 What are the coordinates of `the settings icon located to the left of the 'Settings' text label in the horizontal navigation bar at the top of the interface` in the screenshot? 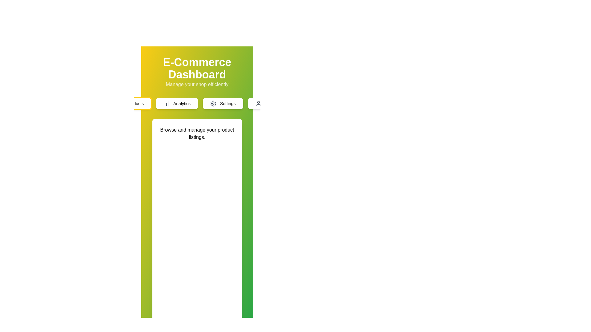 It's located at (213, 103).